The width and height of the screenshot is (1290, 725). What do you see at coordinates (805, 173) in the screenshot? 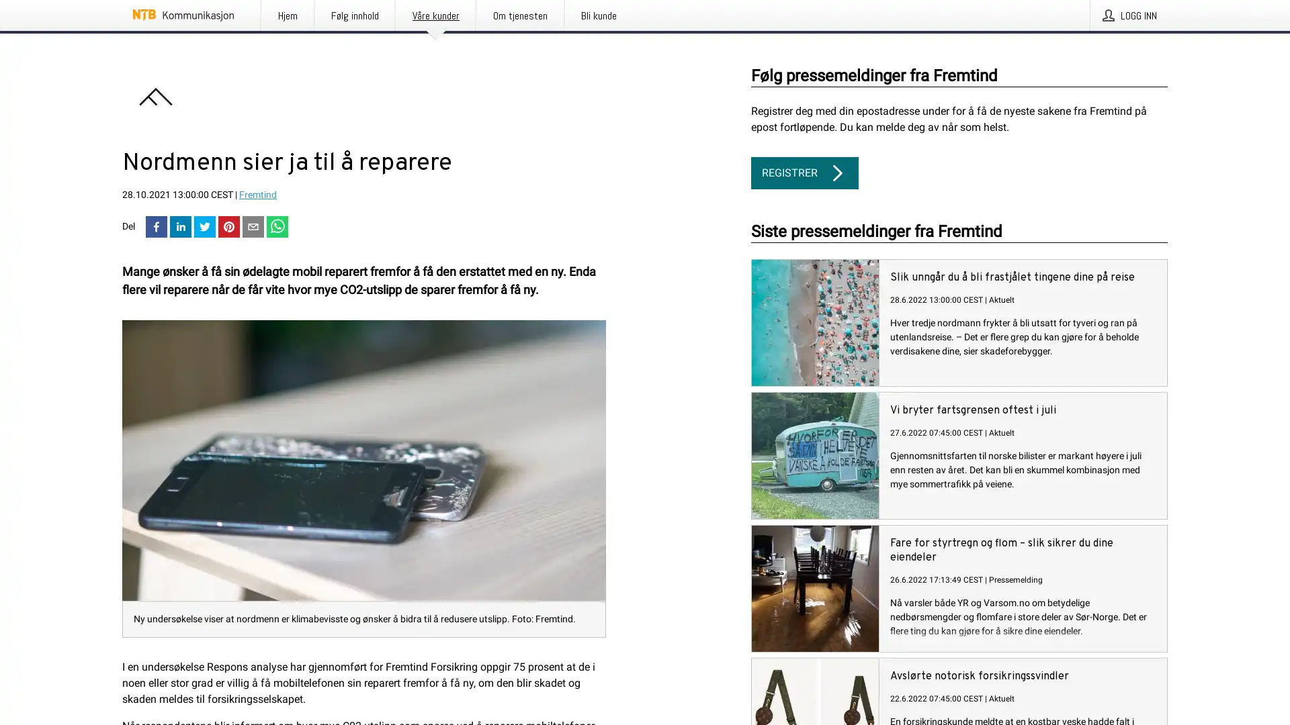
I see `REGISTRER` at bounding box center [805, 173].